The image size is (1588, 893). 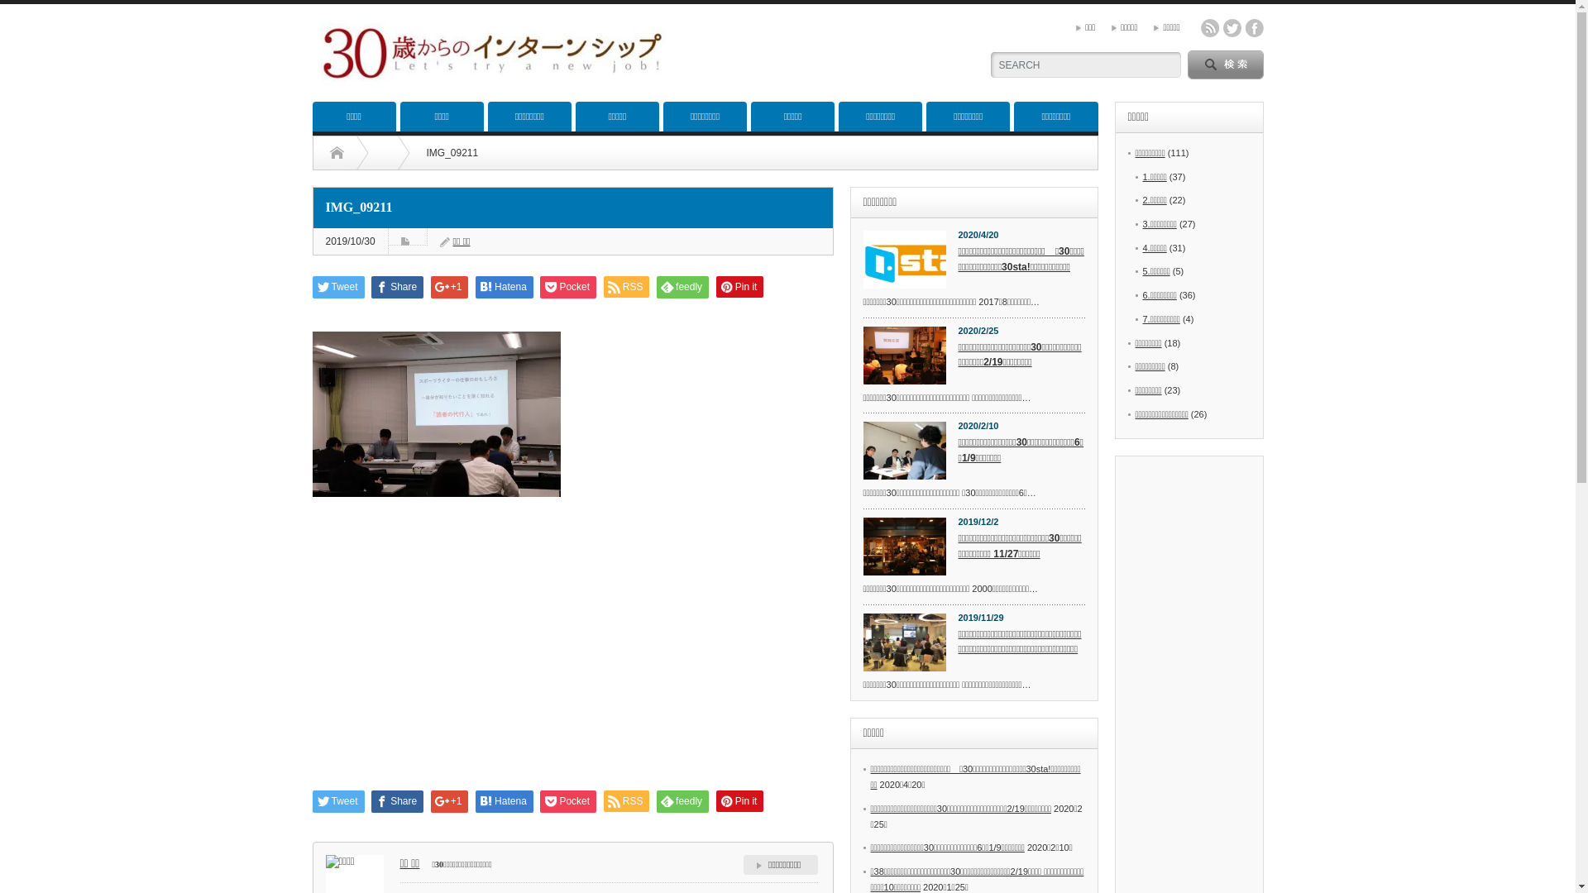 I want to click on 'Hatena', so click(x=503, y=800).